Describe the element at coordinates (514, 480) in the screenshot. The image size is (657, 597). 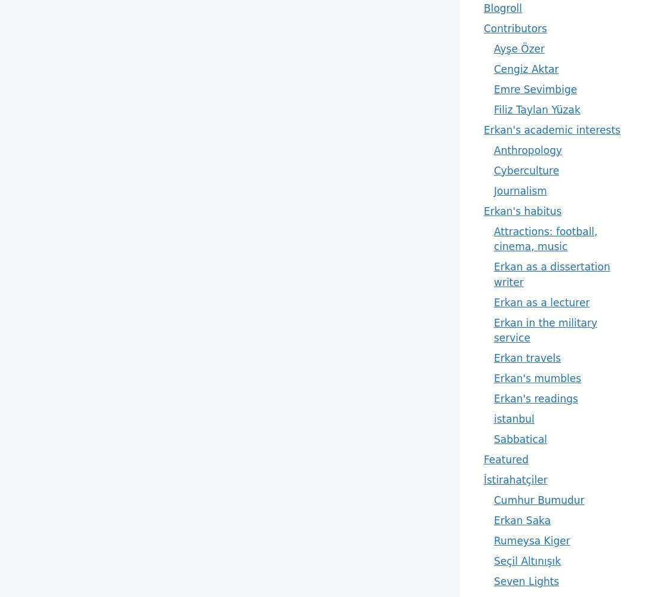
I see `'İstirahatçiler'` at that location.